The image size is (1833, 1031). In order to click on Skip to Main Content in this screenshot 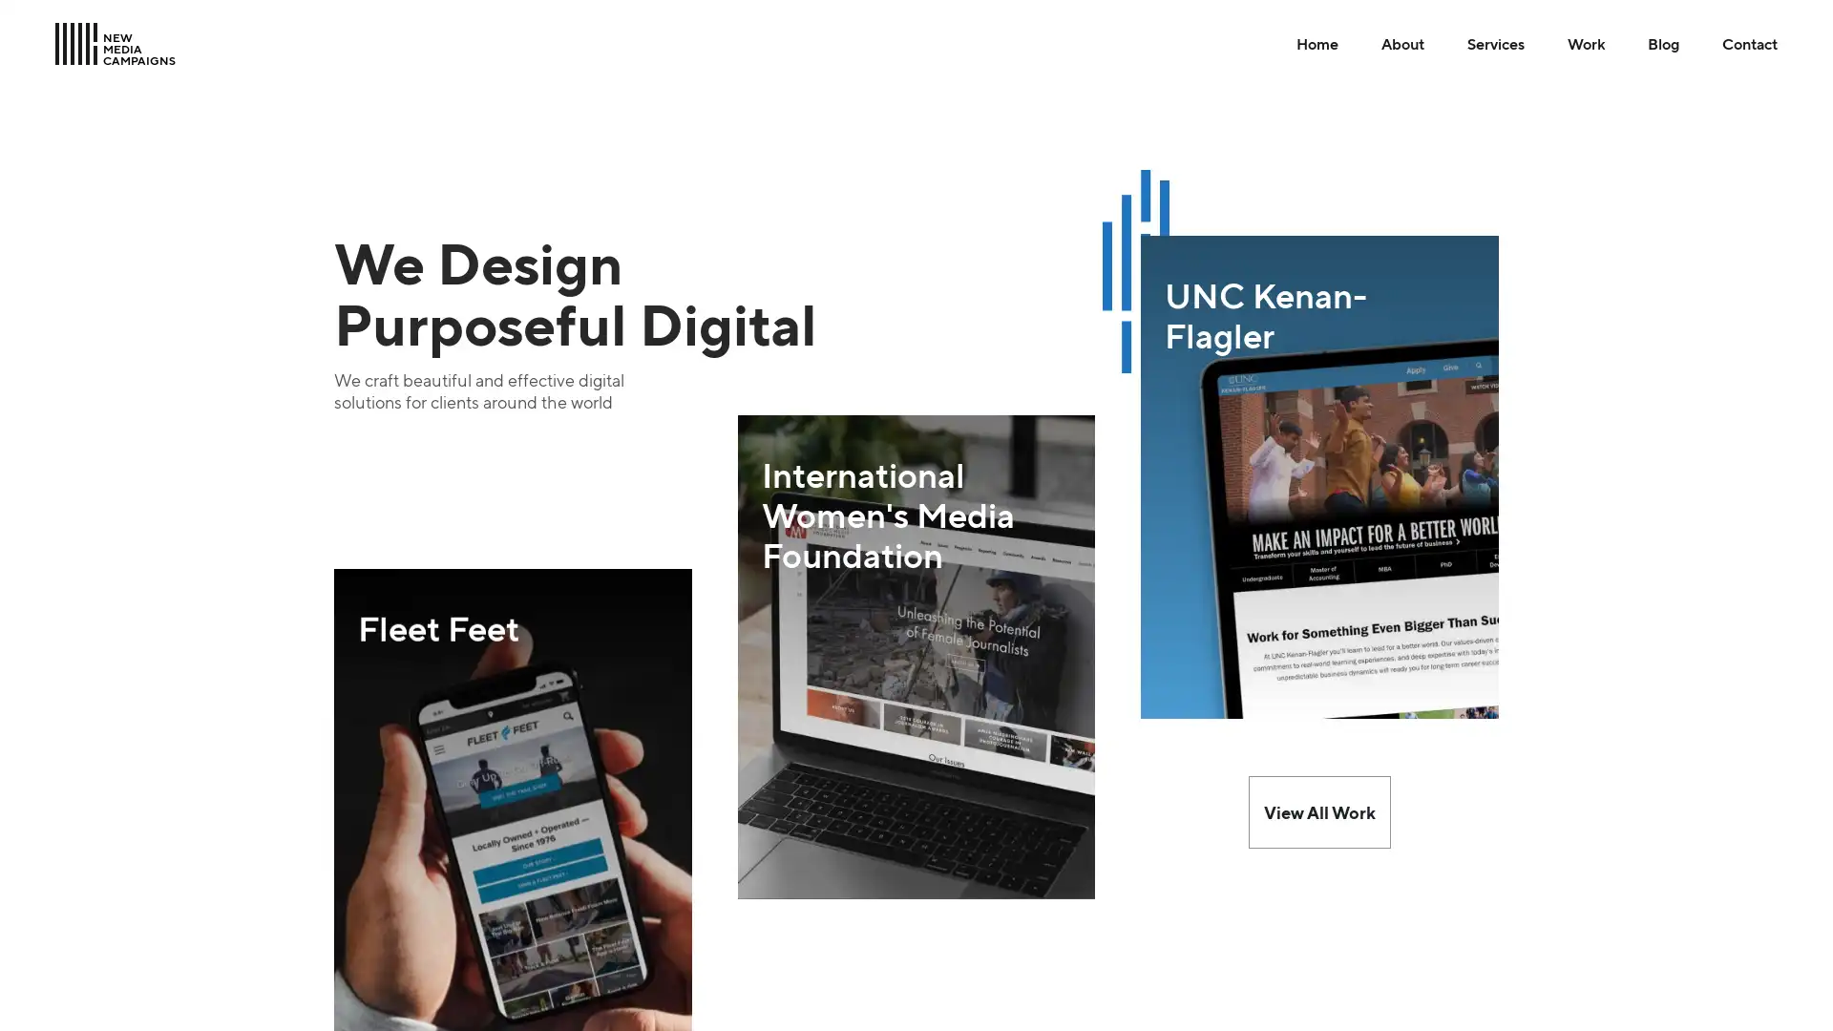, I will do `click(19, 19)`.